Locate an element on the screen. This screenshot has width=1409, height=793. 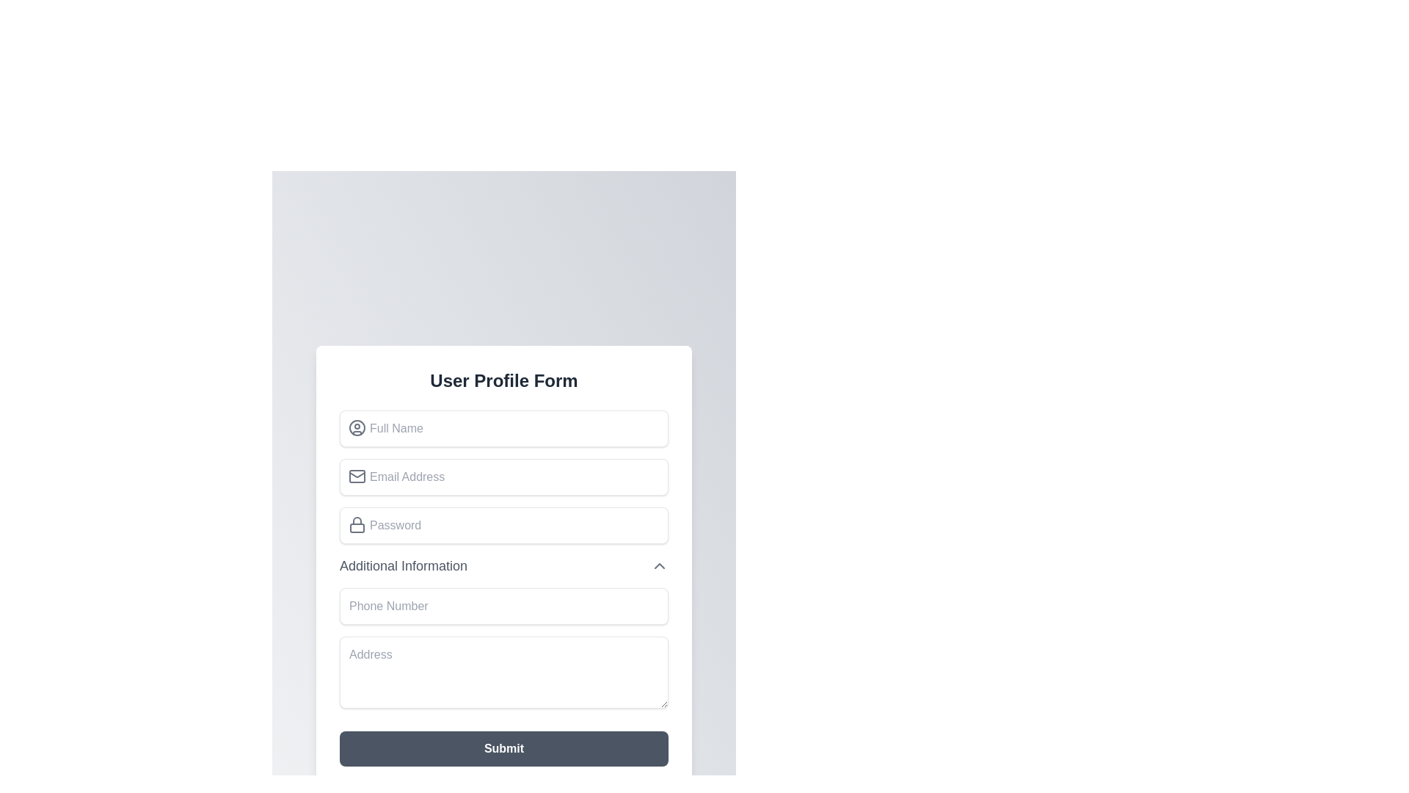
the stylized user icon located at the top-left corner of the Full Name input field area, which features a circular outline and a minimalist design is located at coordinates (357, 427).